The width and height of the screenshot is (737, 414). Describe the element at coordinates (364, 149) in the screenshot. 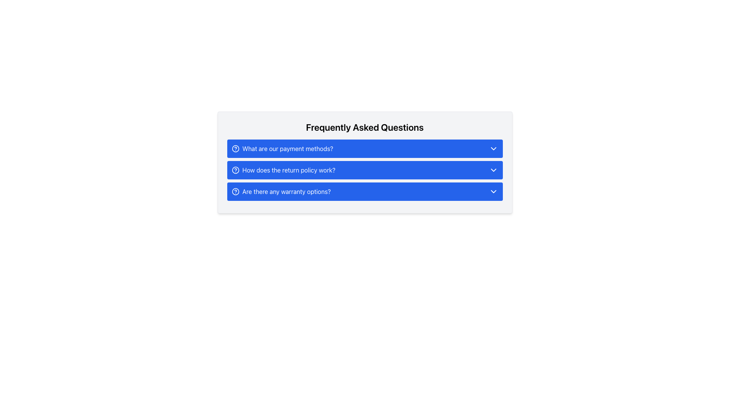

I see `the first collapsible FAQ item below the title 'Frequently Asked Questions'` at that location.